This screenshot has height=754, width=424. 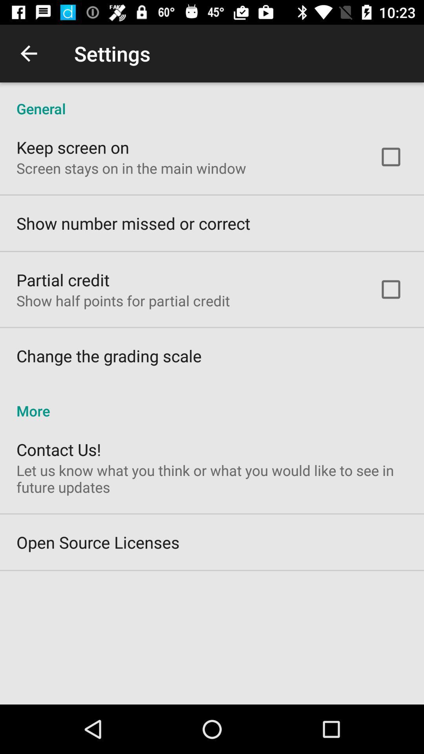 What do you see at coordinates (133, 223) in the screenshot?
I see `the item below the screen stays on item` at bounding box center [133, 223].